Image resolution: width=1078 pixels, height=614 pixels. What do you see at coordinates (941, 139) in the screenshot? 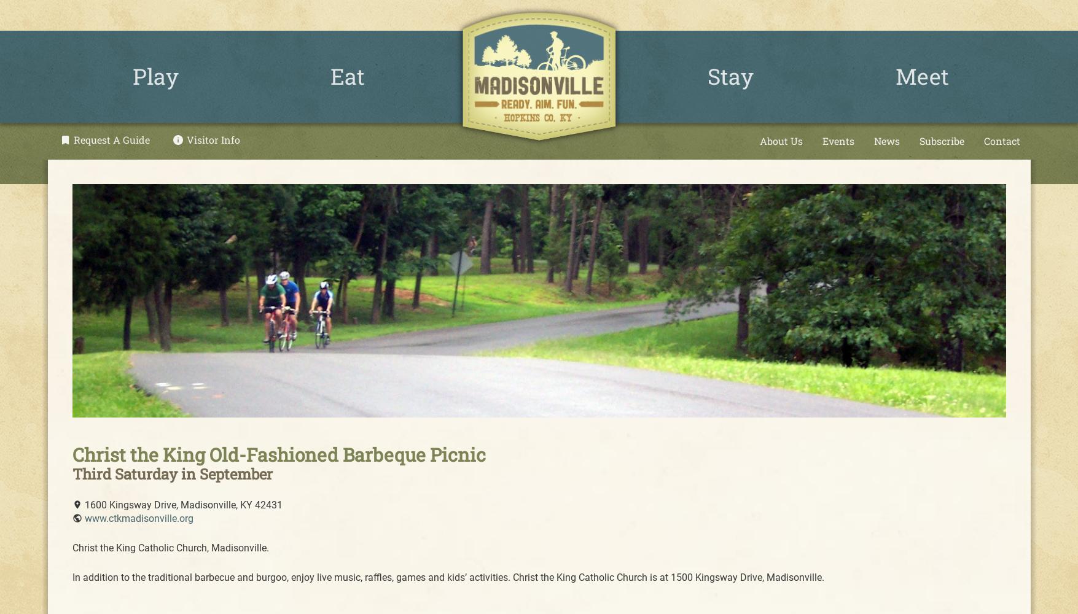
I see `'Subscribe'` at bounding box center [941, 139].